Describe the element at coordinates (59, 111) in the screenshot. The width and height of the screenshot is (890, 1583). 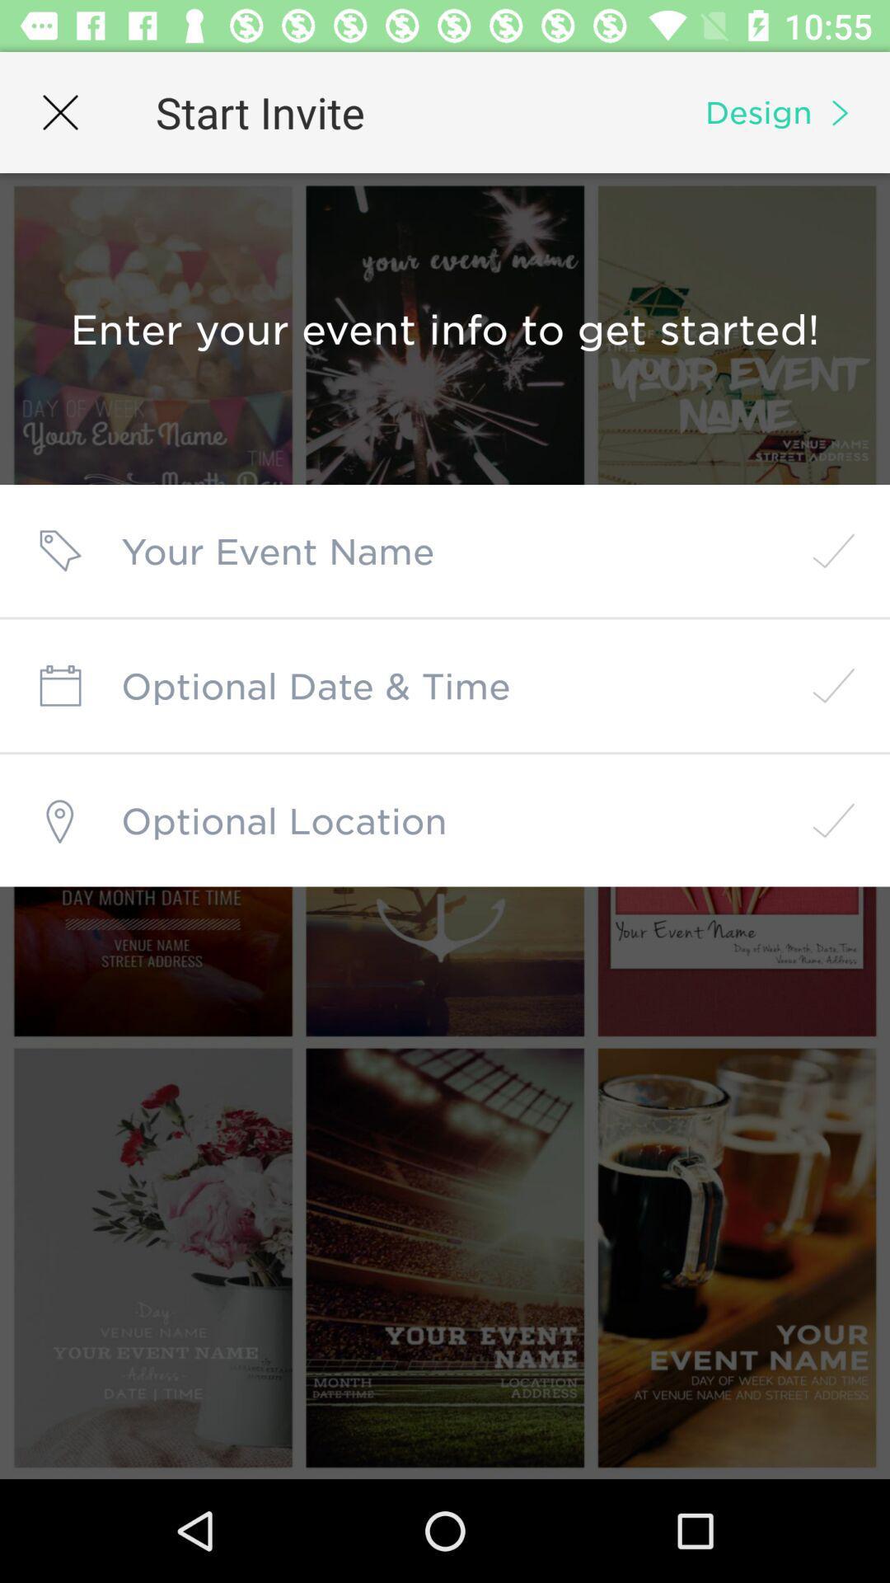
I see `icon next to start invite` at that location.